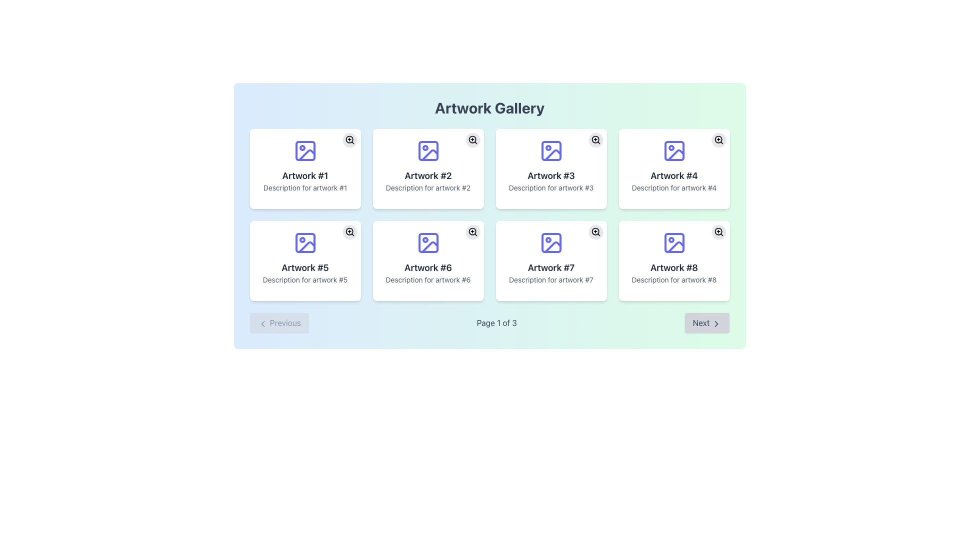 The width and height of the screenshot is (960, 540). I want to click on the 'Previous' button with a rounded border and gray background, so click(278, 322).